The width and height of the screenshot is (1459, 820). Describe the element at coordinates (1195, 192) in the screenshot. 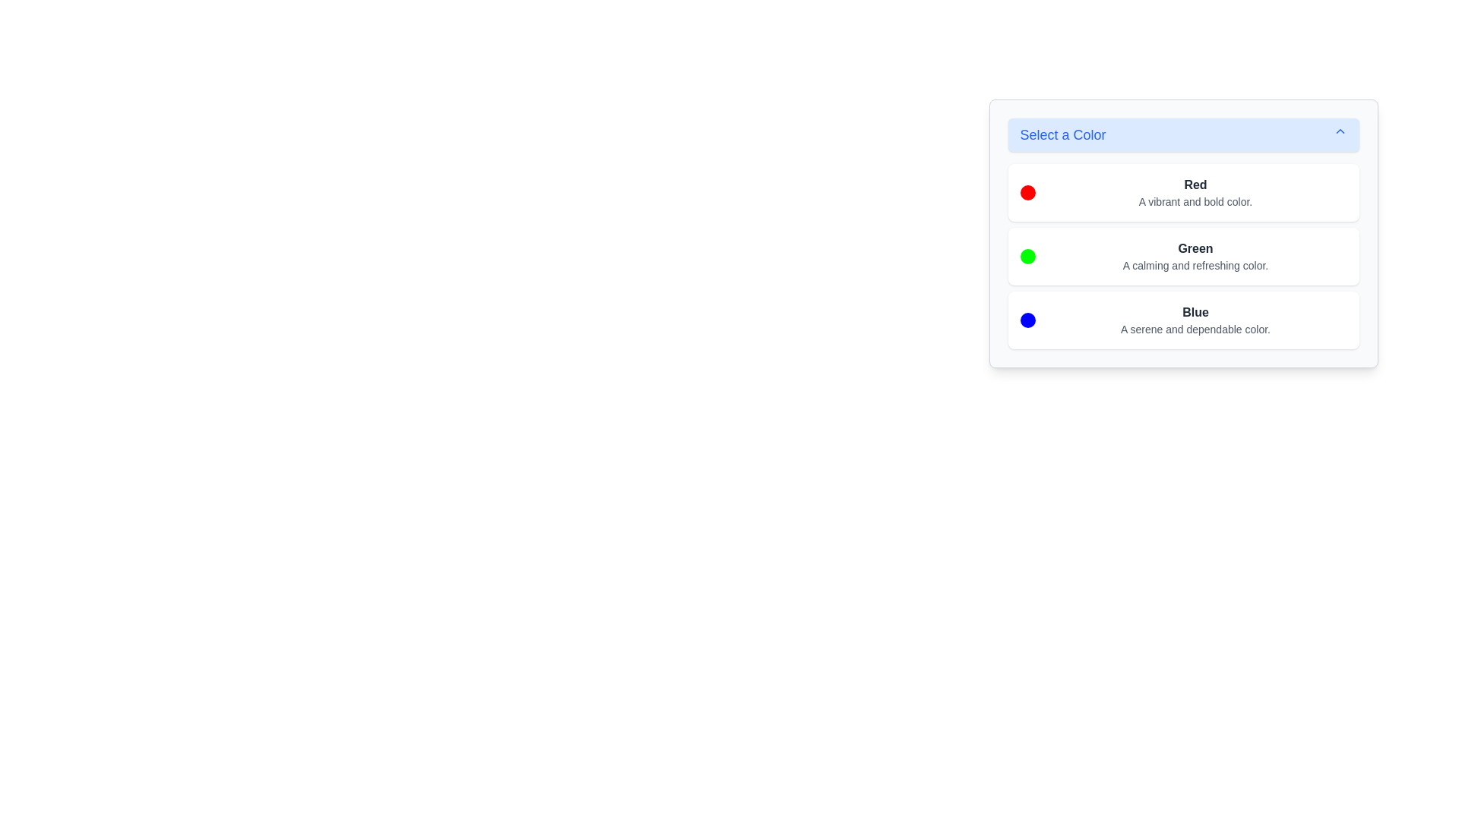

I see `textual description which consists of two lines: 'Red' in bold black font and 'A vibrant and bold color.' in a smaller, lighter font, located within a card in the 'Select a Color' section` at that location.